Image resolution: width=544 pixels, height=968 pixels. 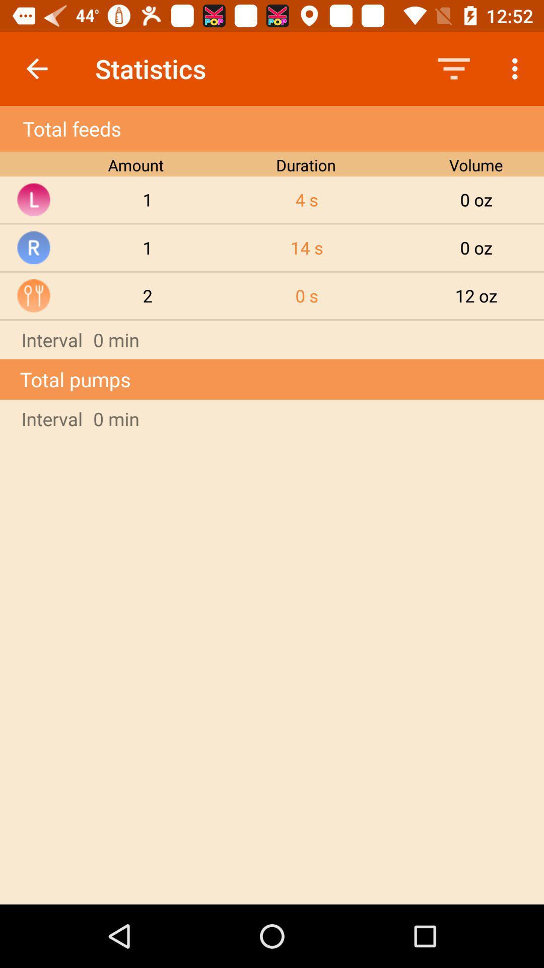 What do you see at coordinates (454, 68) in the screenshot?
I see `icon above volume icon` at bounding box center [454, 68].